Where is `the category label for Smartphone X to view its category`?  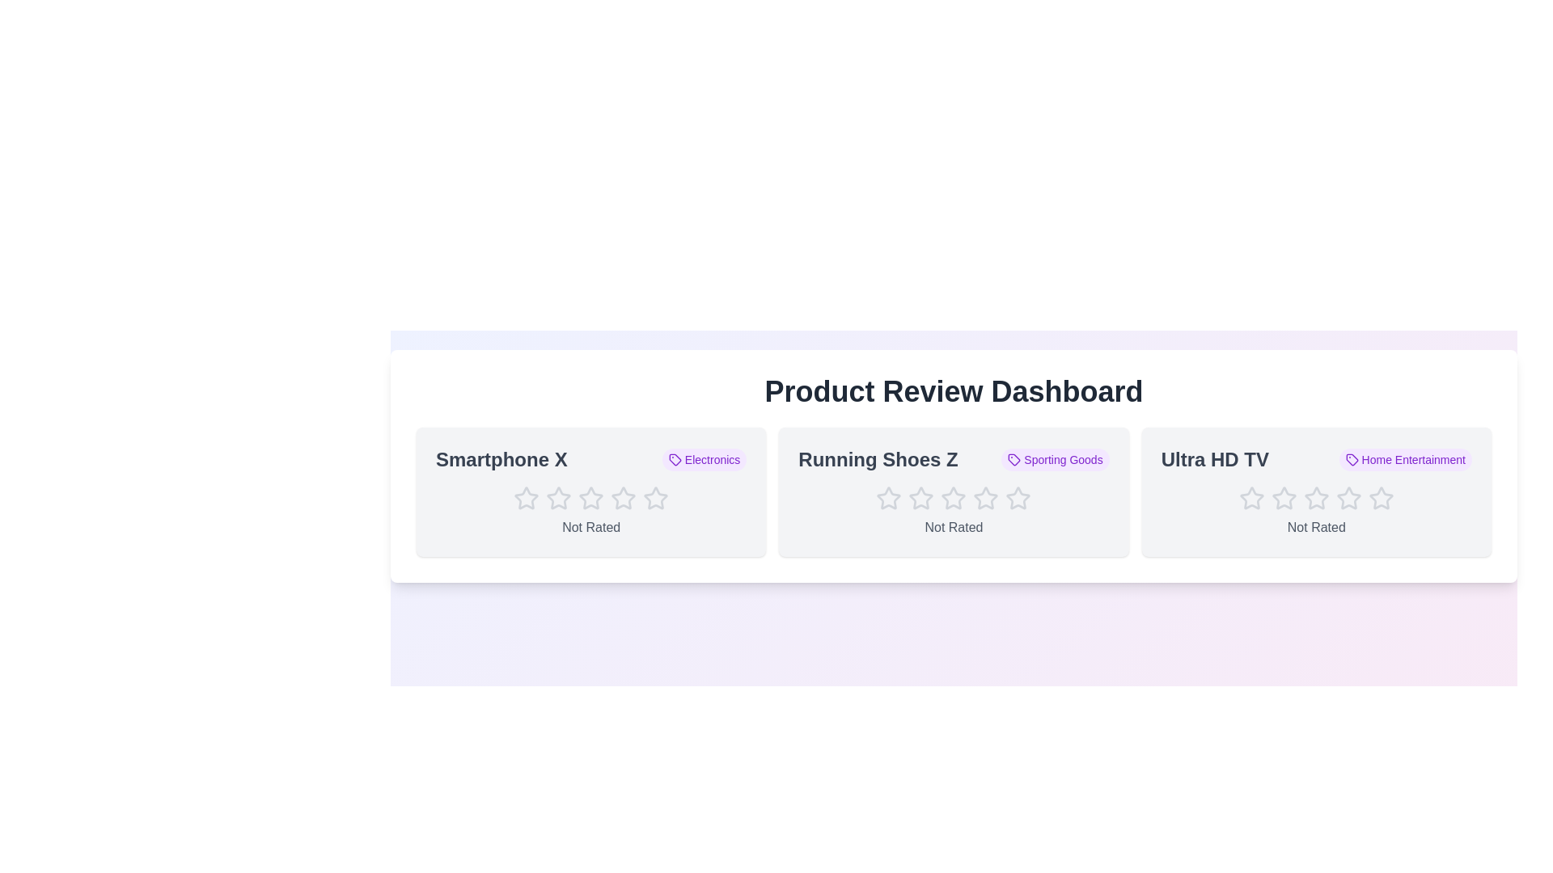 the category label for Smartphone X to view its category is located at coordinates (705, 460).